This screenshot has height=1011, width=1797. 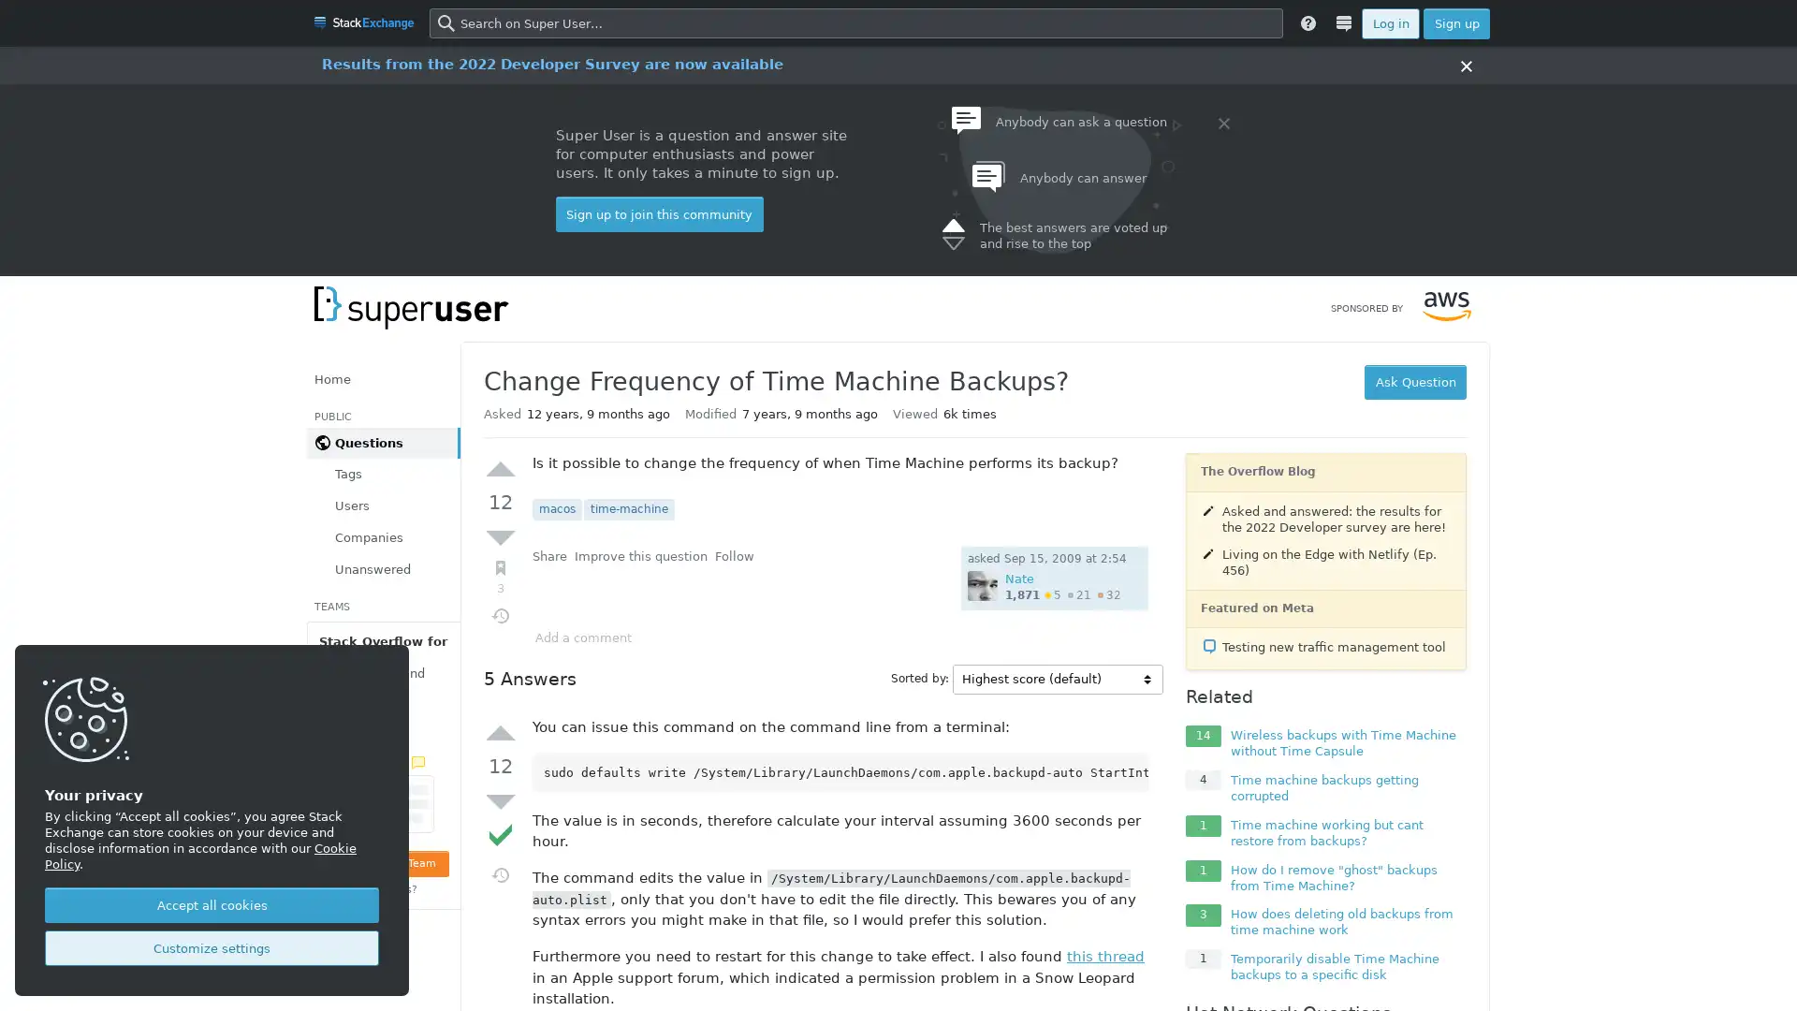 What do you see at coordinates (734, 555) in the screenshot?
I see `Follow` at bounding box center [734, 555].